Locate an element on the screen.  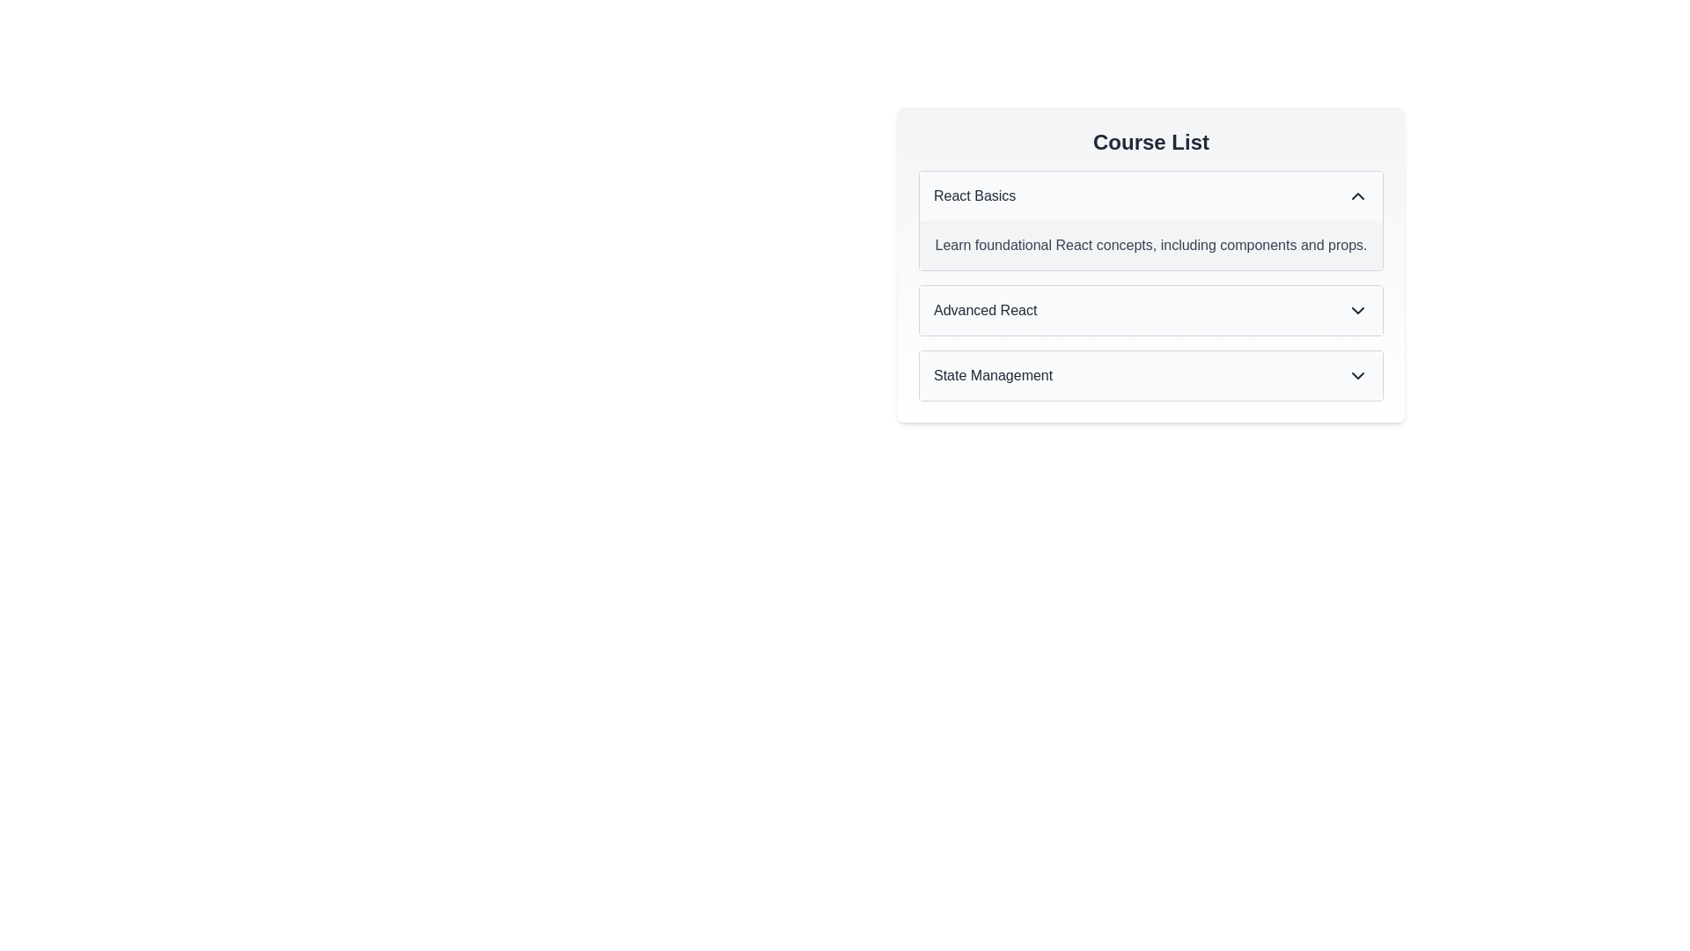
the 'State Management' text label is located at coordinates (993, 375).